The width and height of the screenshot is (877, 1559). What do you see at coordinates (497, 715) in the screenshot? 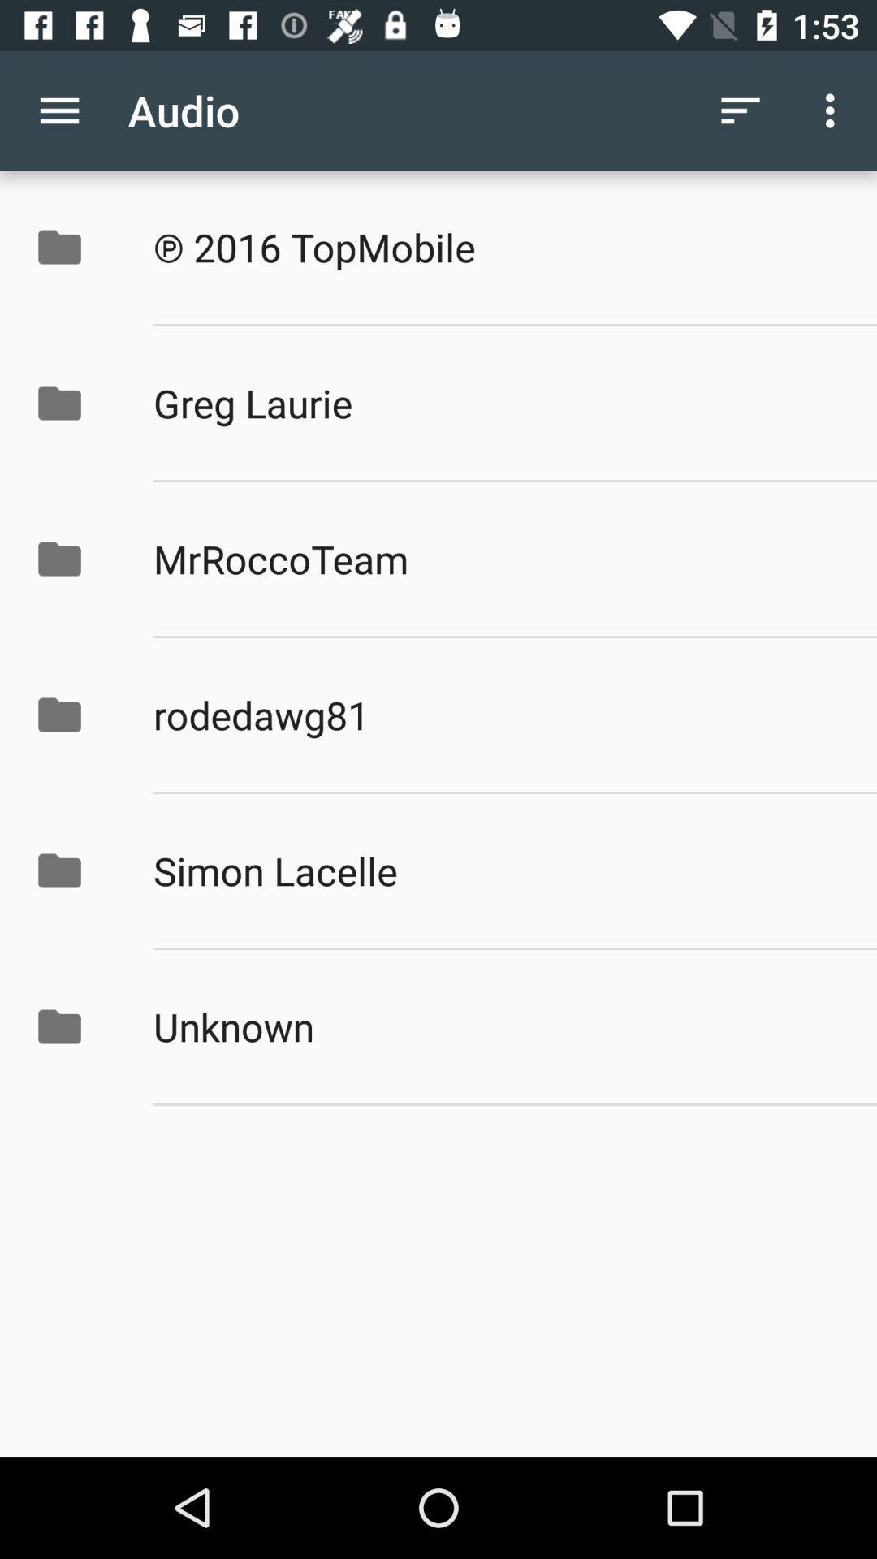
I see `the icon above simon lacelle icon` at bounding box center [497, 715].